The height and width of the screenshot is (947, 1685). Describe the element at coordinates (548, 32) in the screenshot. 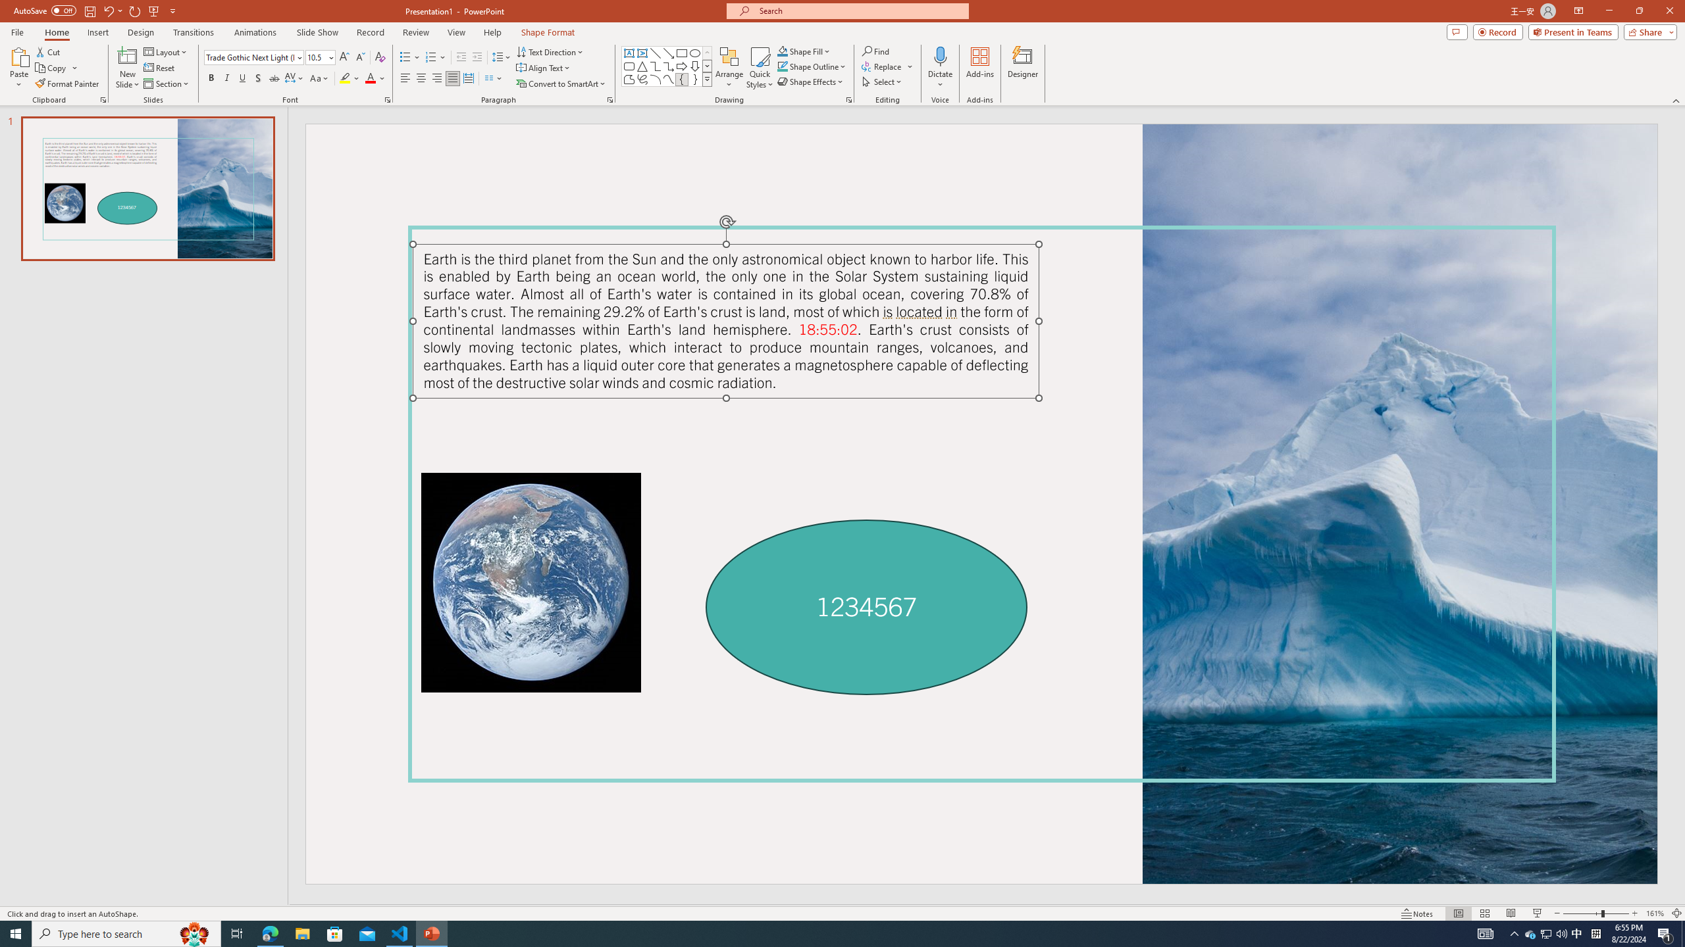

I see `'Shape Format'` at that location.